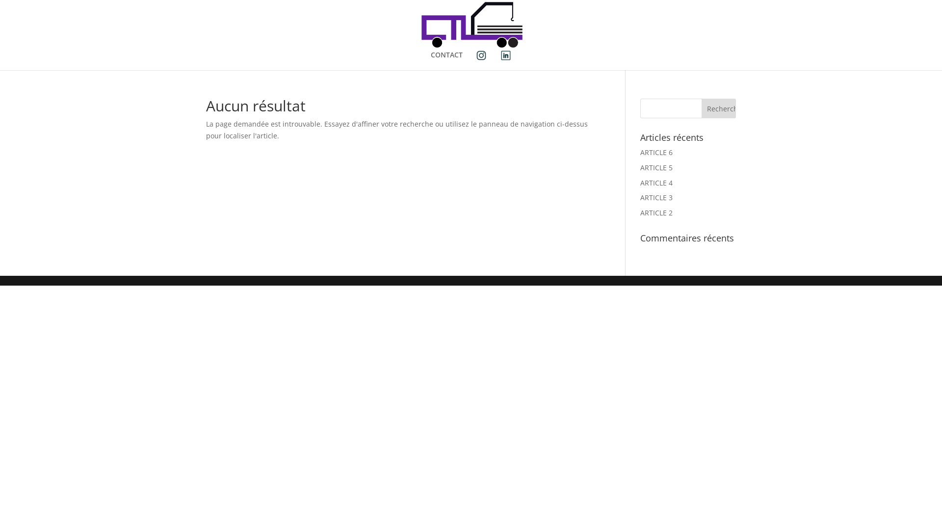 The image size is (942, 530). What do you see at coordinates (656, 152) in the screenshot?
I see `'ARTICLE 6'` at bounding box center [656, 152].